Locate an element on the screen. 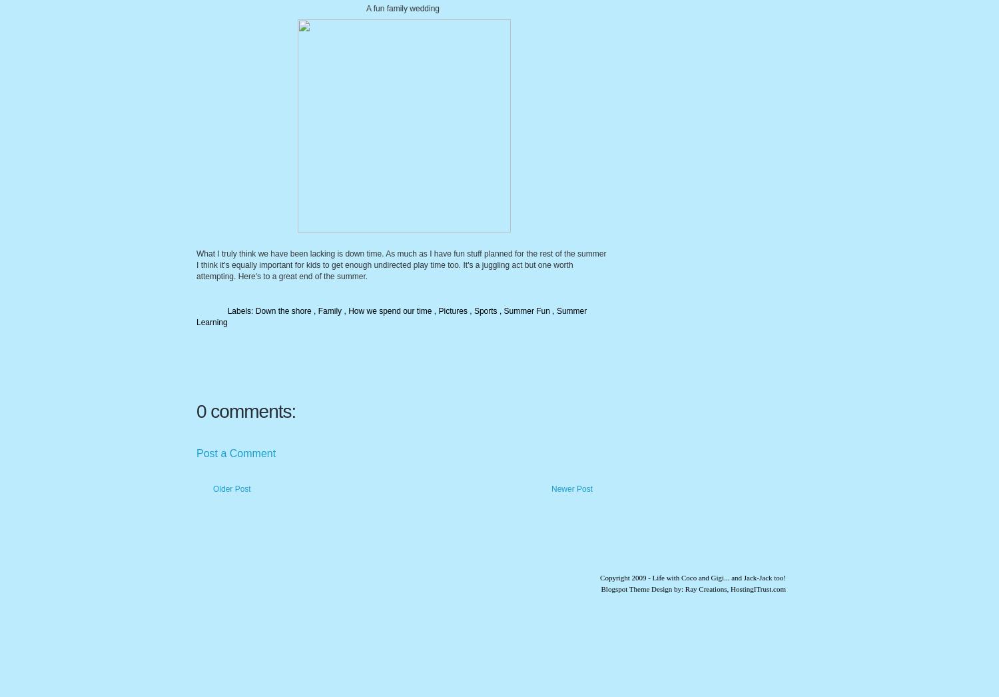 Image resolution: width=999 pixels, height=697 pixels. 'Labels:' is located at coordinates (240, 311).